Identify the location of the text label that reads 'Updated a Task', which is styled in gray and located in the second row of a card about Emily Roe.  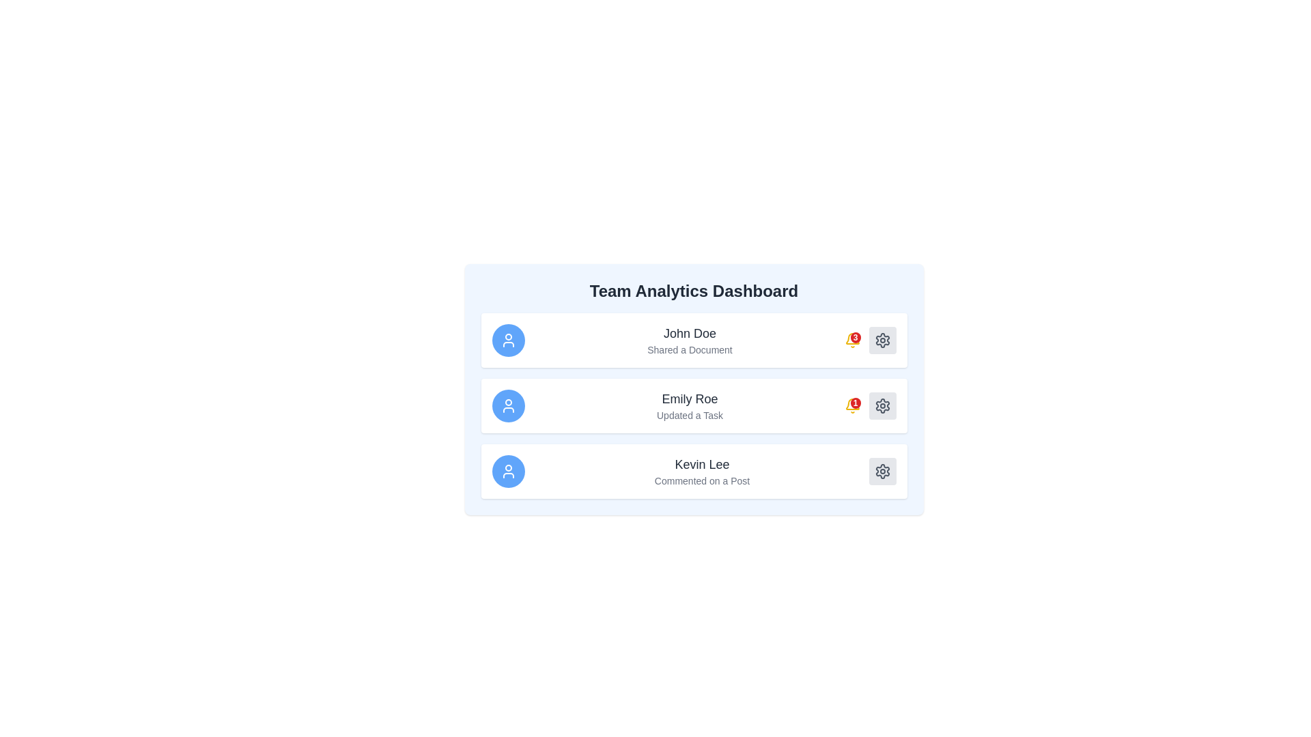
(690, 415).